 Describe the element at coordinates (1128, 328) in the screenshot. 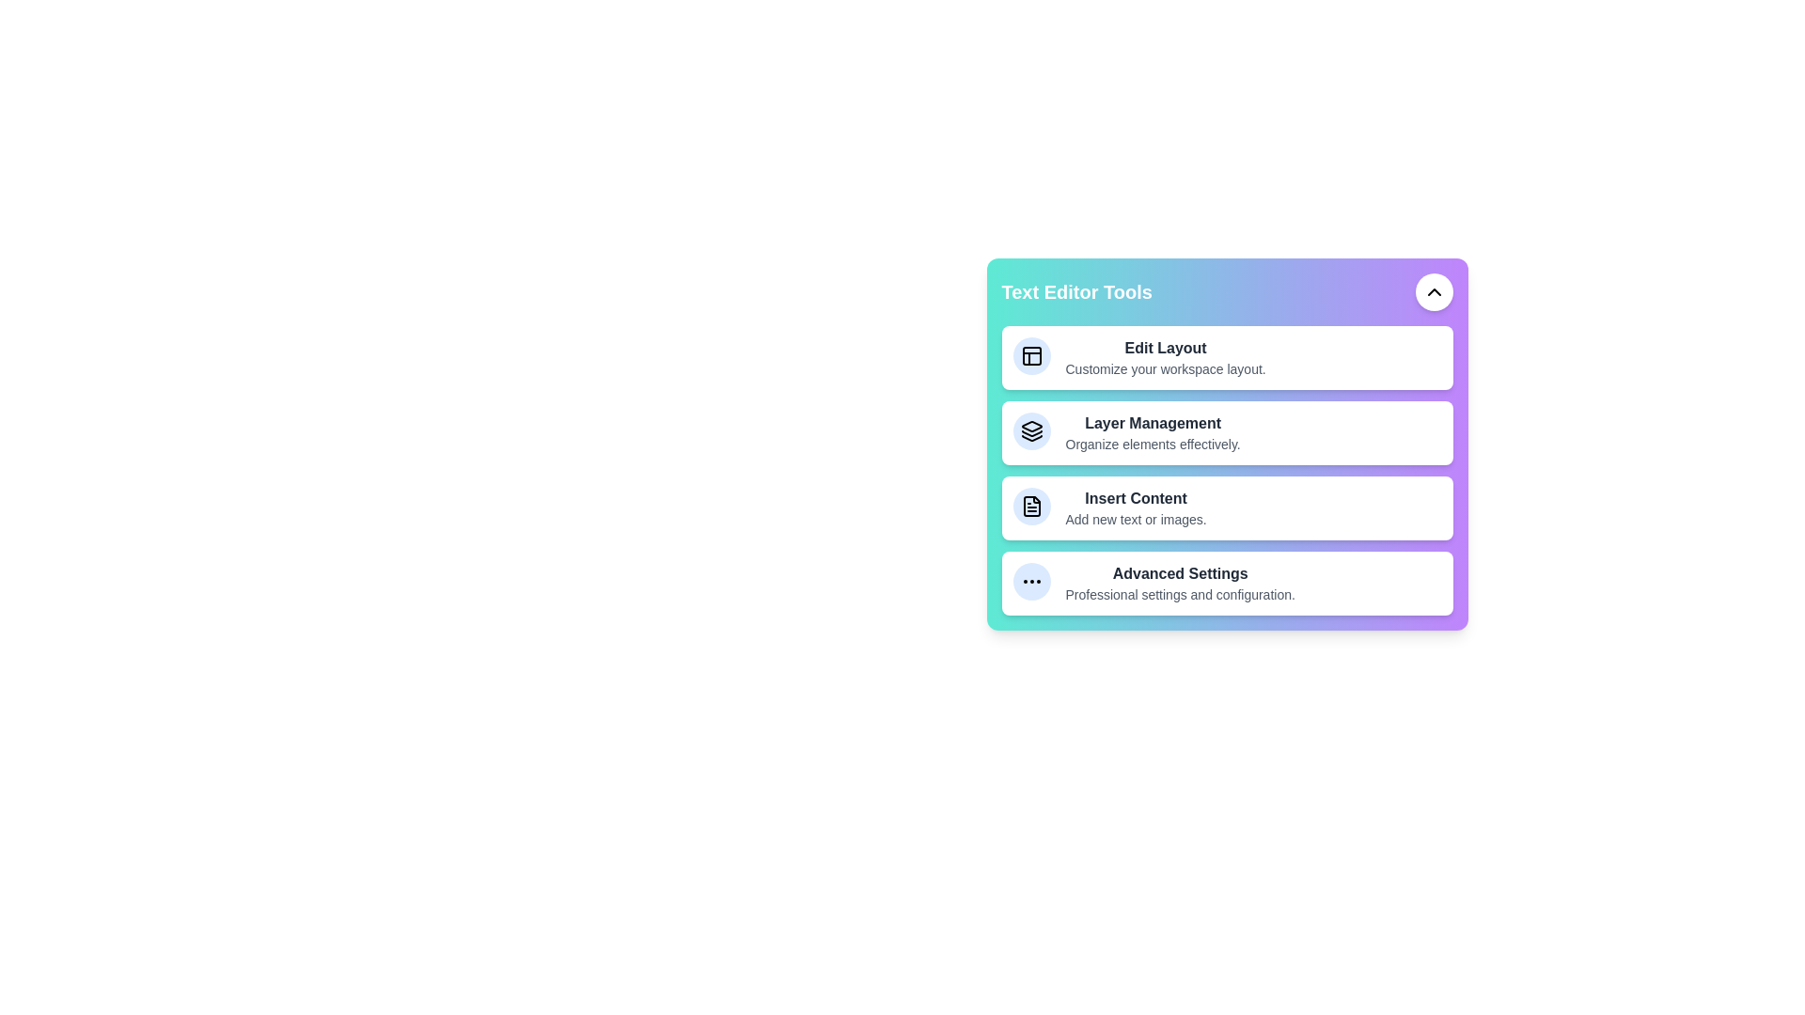

I see `the tool Edit Layout from the menu` at that location.